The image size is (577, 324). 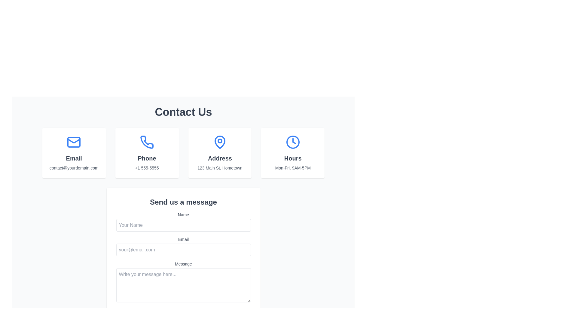 What do you see at coordinates (74, 141) in the screenshot?
I see `the lower component of the envelope icon in the first column below the 'Contact Us' heading, which visually signifies email contact information` at bounding box center [74, 141].